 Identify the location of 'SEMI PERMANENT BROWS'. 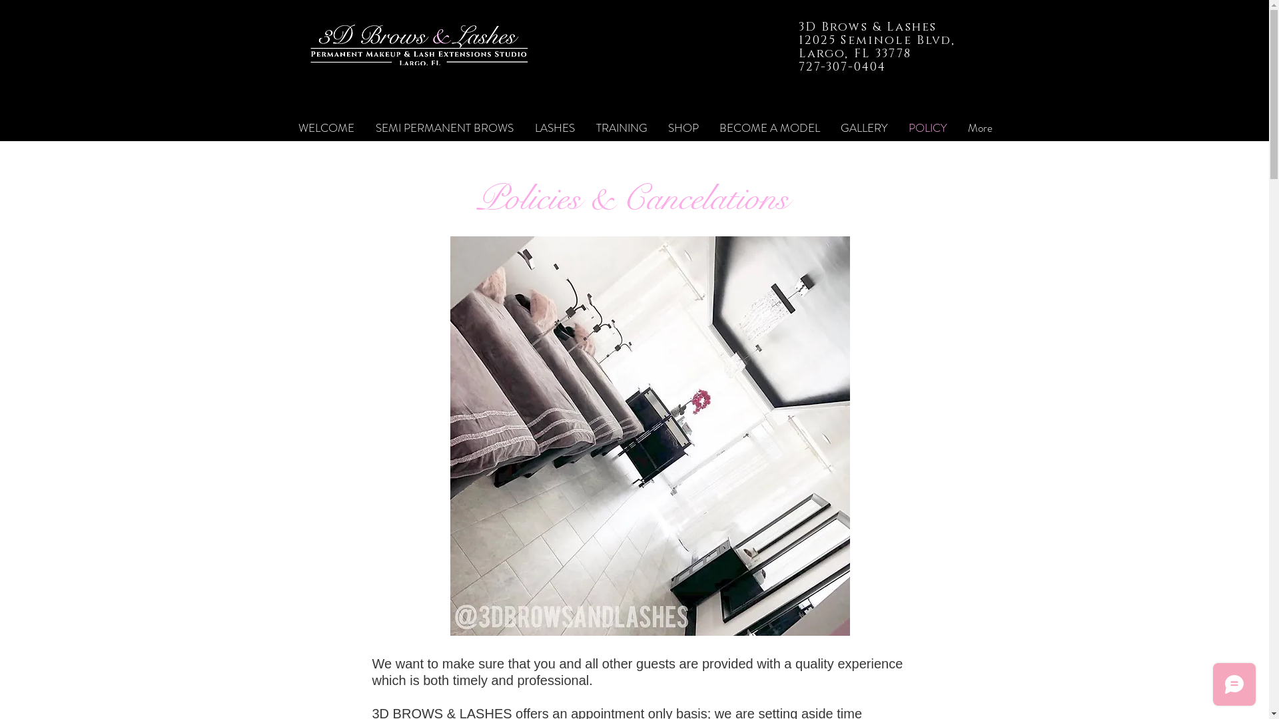
(364, 128).